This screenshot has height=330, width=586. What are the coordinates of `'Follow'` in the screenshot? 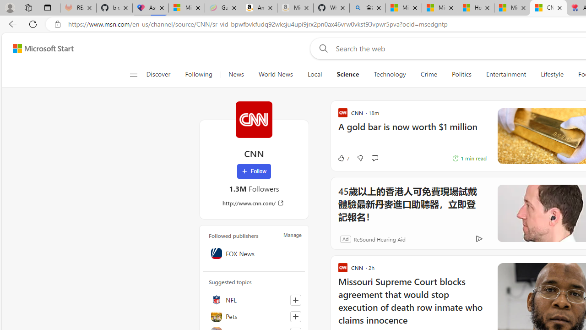 It's located at (254, 171).